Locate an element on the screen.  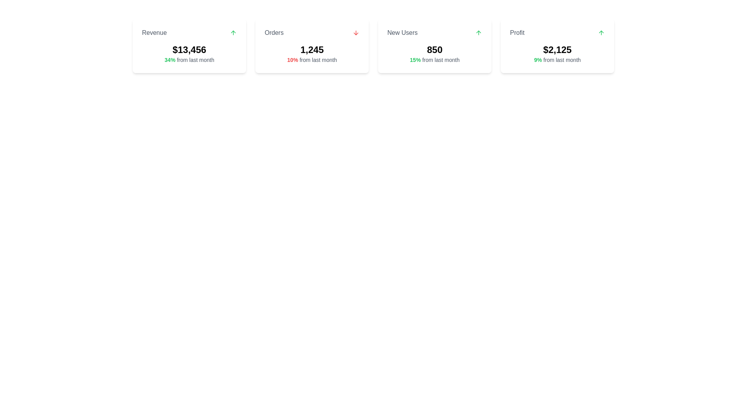
text element displaying '34%' in green and bold font style, located within the 'Revenue' status card, below the main value '$13,456' and above the descriptive text 'from last month' is located at coordinates (169, 59).